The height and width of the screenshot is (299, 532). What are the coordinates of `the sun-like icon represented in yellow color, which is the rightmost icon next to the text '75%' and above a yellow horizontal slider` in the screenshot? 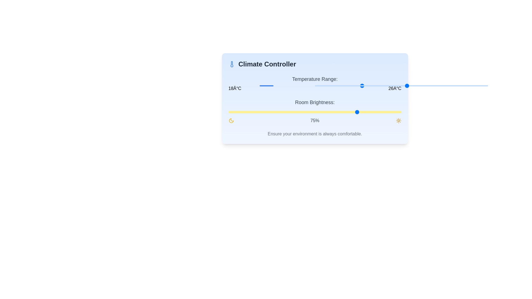 It's located at (398, 120).